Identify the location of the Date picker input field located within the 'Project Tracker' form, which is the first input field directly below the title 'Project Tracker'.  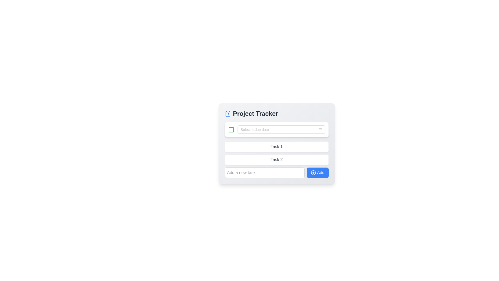
(281, 129).